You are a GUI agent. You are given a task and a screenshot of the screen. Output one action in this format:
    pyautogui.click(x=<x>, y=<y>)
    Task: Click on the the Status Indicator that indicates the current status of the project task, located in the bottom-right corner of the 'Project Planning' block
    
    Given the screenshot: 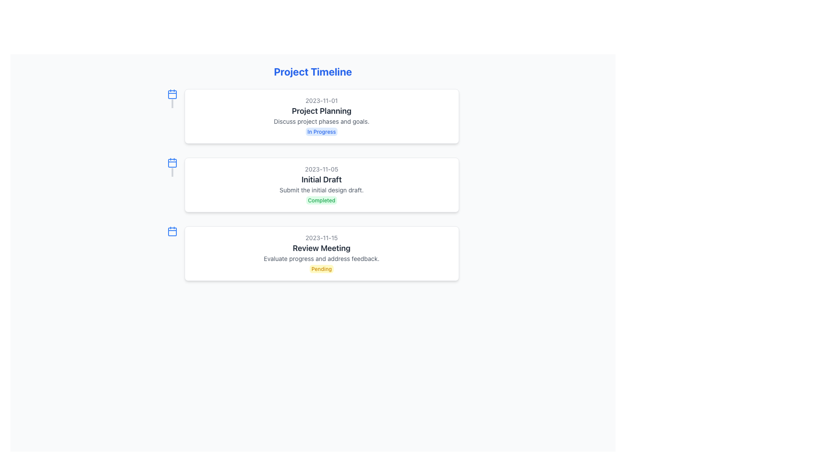 What is the action you would take?
    pyautogui.click(x=321, y=132)
    